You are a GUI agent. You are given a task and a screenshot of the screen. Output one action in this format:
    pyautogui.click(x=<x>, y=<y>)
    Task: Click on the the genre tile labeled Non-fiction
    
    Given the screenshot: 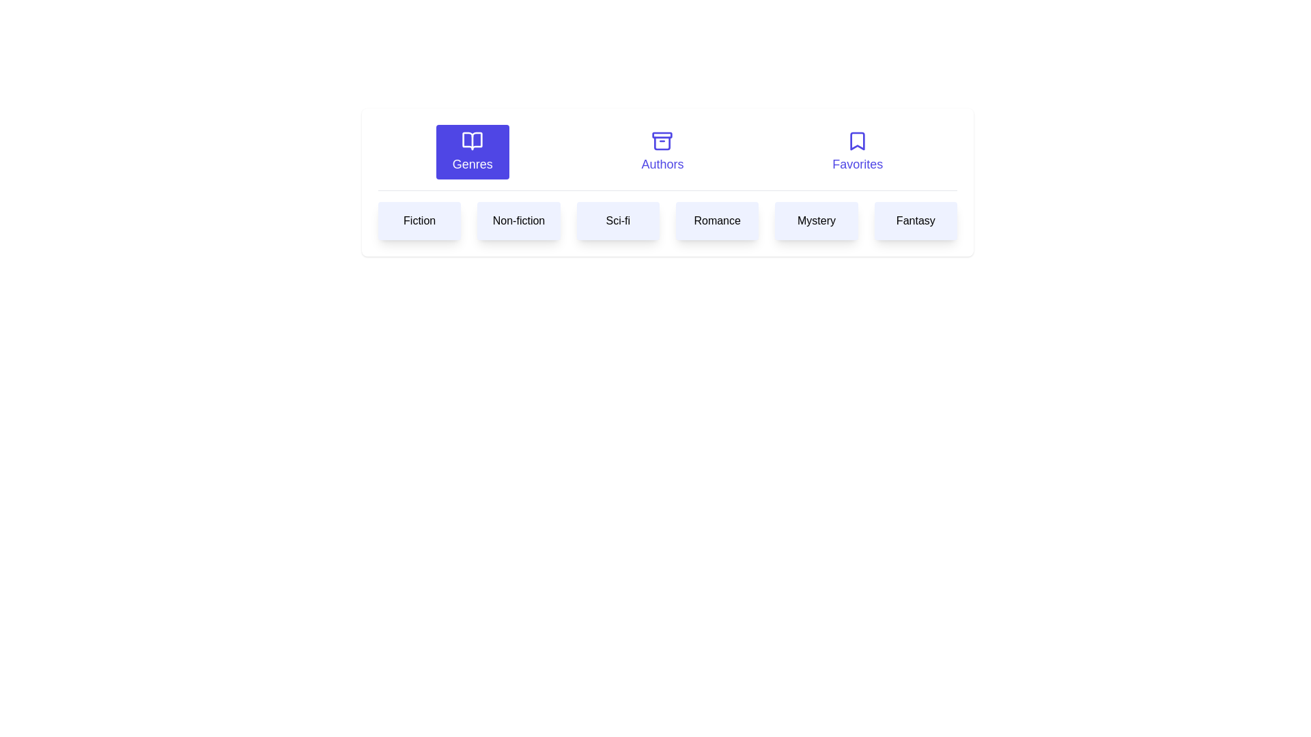 What is the action you would take?
    pyautogui.click(x=518, y=220)
    